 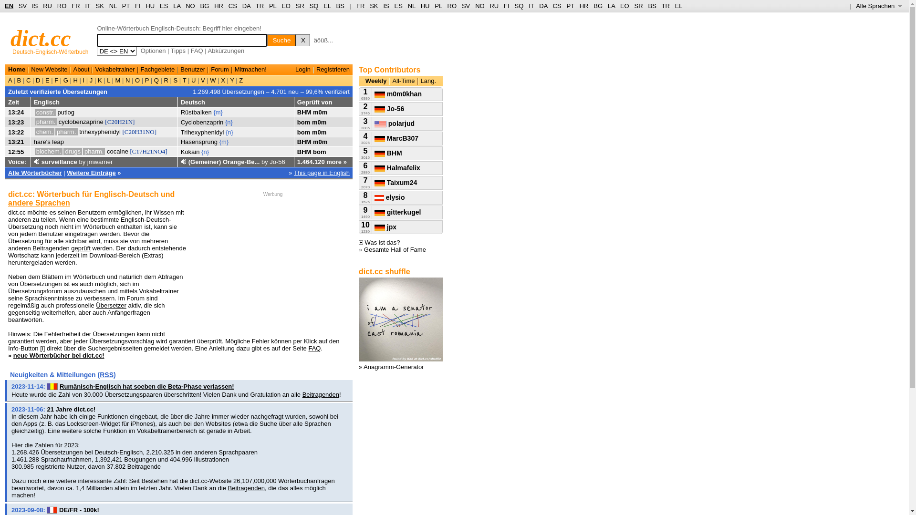 I want to click on 'MarcB307', so click(x=374, y=138).